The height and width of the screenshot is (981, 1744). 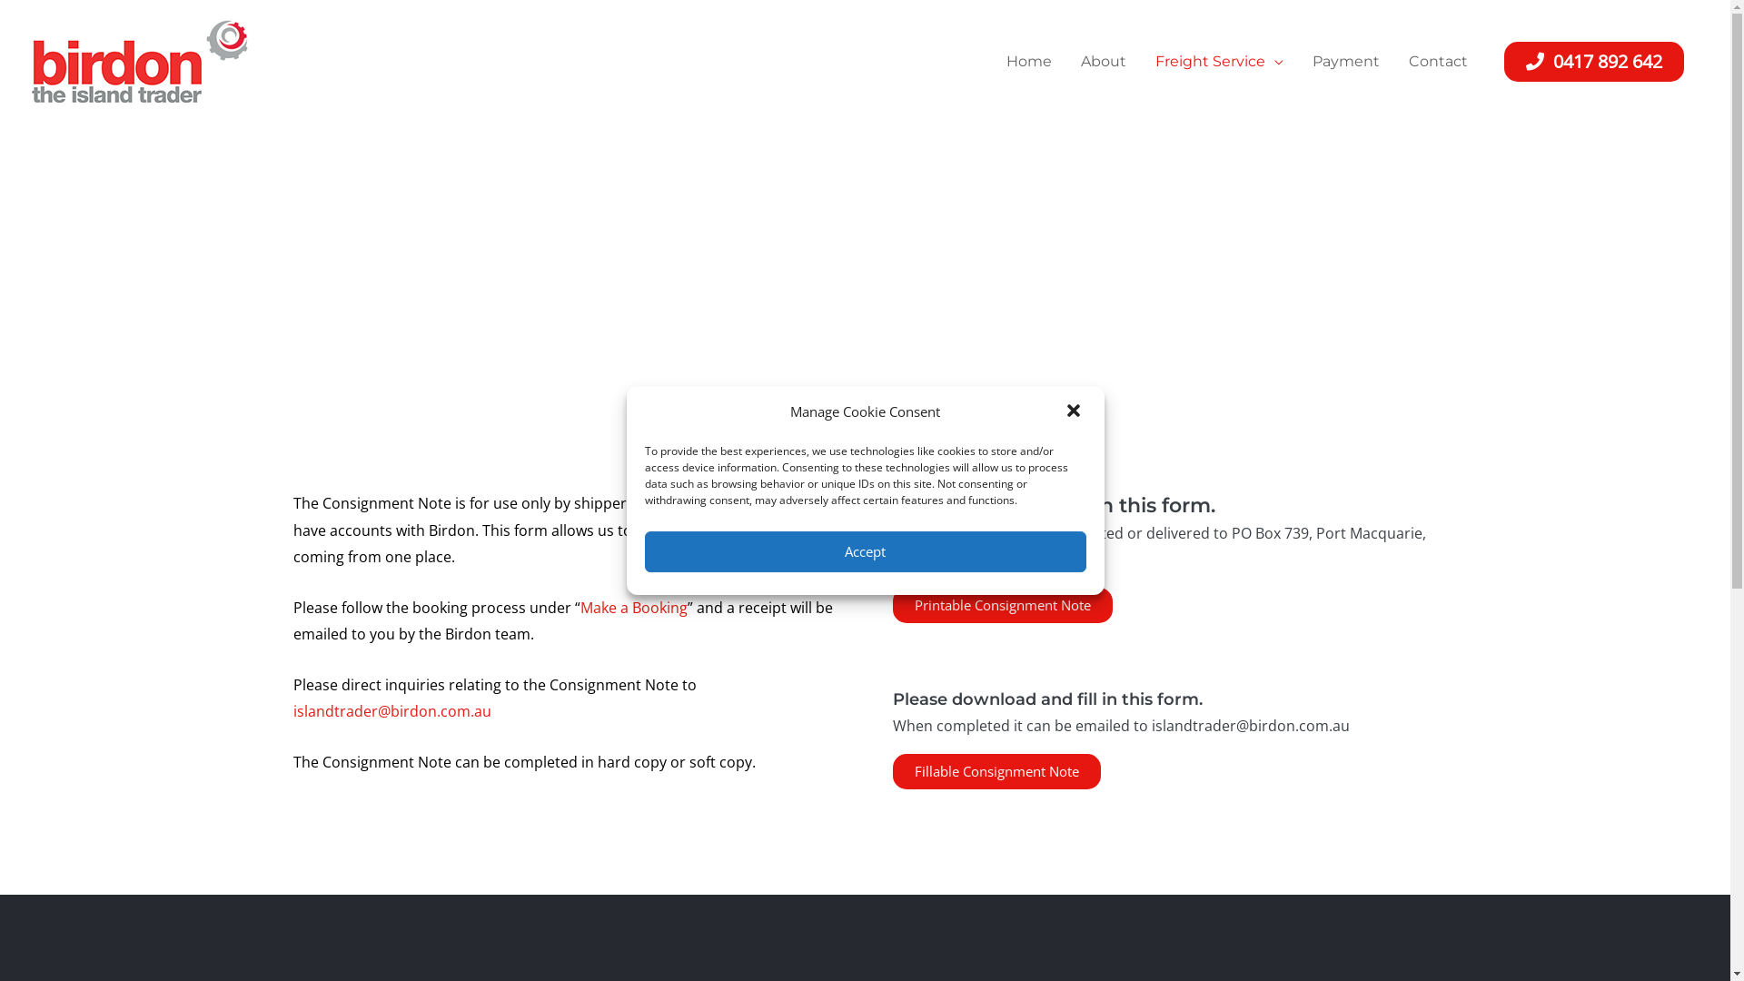 I want to click on 'Home', so click(x=1028, y=61).